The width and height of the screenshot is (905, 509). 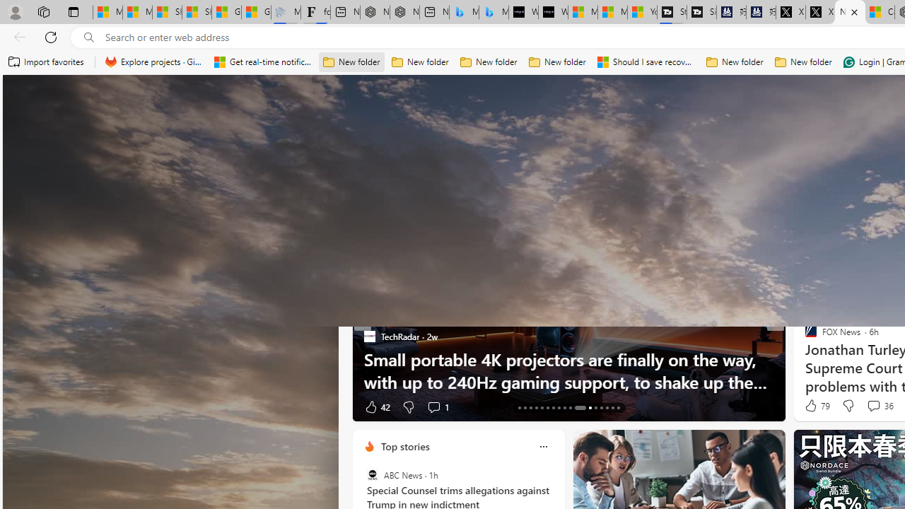 What do you see at coordinates (872, 406) in the screenshot?
I see `'View comments 17 Comment'` at bounding box center [872, 406].